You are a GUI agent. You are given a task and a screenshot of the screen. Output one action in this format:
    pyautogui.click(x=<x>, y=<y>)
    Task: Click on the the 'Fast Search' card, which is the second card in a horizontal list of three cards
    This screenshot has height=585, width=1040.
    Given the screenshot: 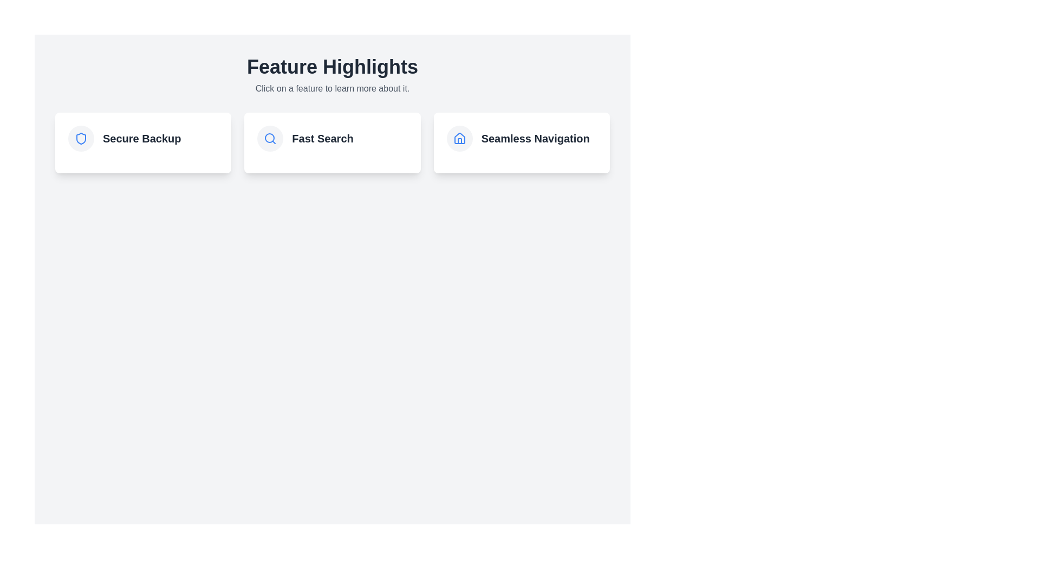 What is the action you would take?
    pyautogui.click(x=332, y=142)
    